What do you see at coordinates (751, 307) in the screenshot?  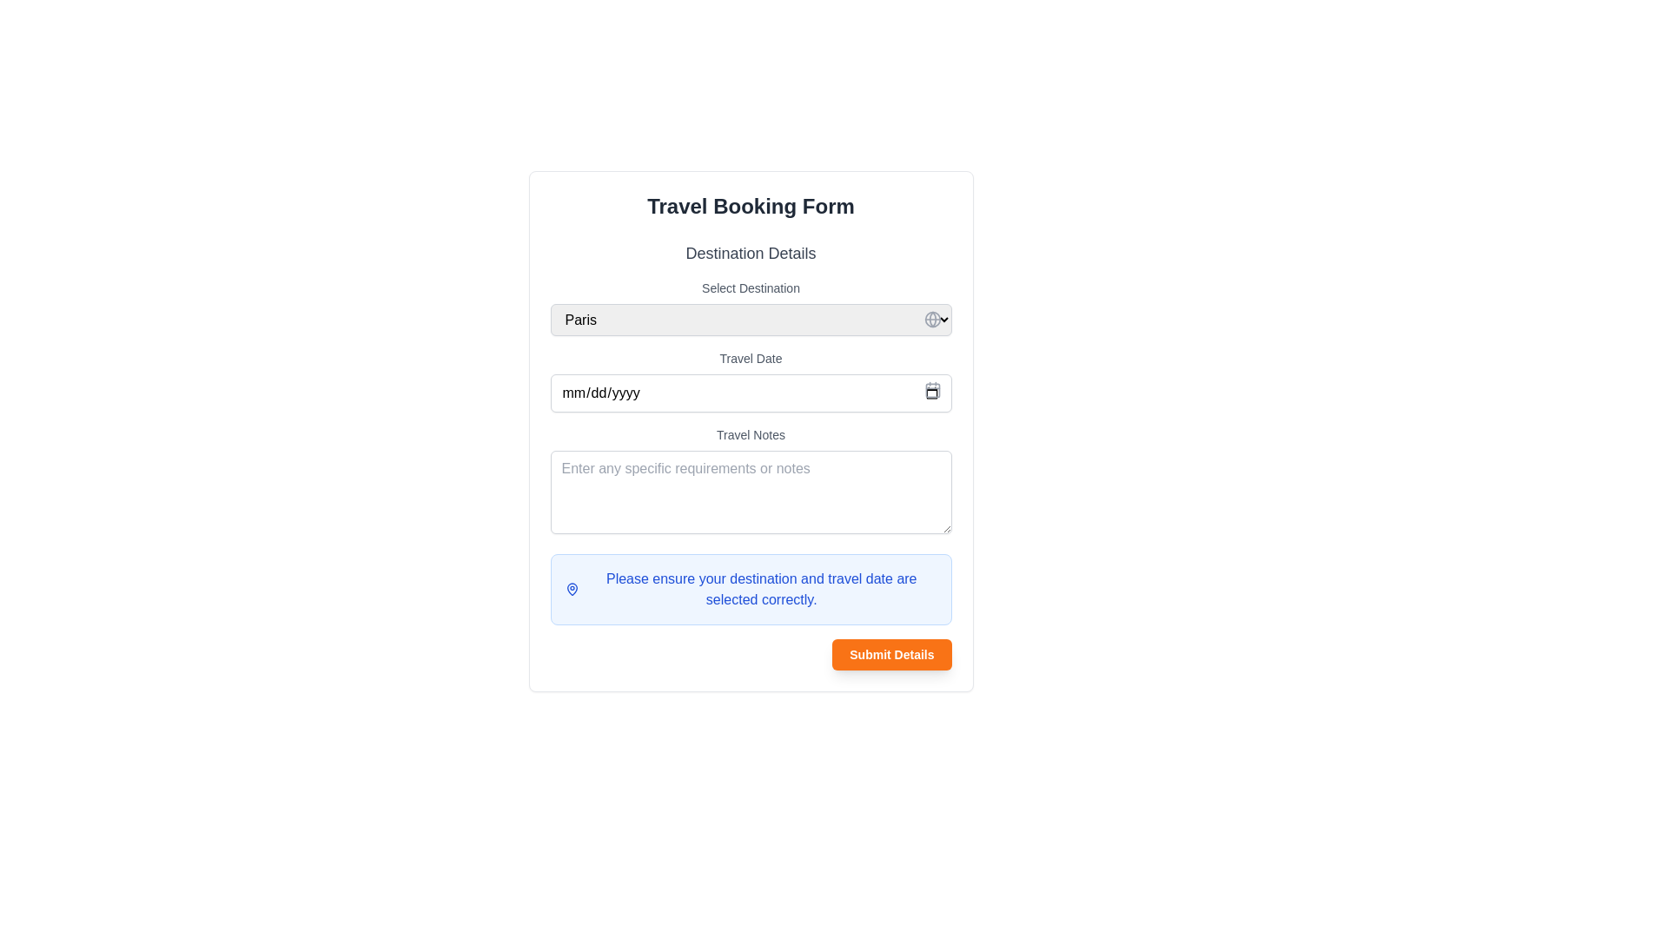 I see `the Dropdown menu in the 'Destination Details' section` at bounding box center [751, 307].